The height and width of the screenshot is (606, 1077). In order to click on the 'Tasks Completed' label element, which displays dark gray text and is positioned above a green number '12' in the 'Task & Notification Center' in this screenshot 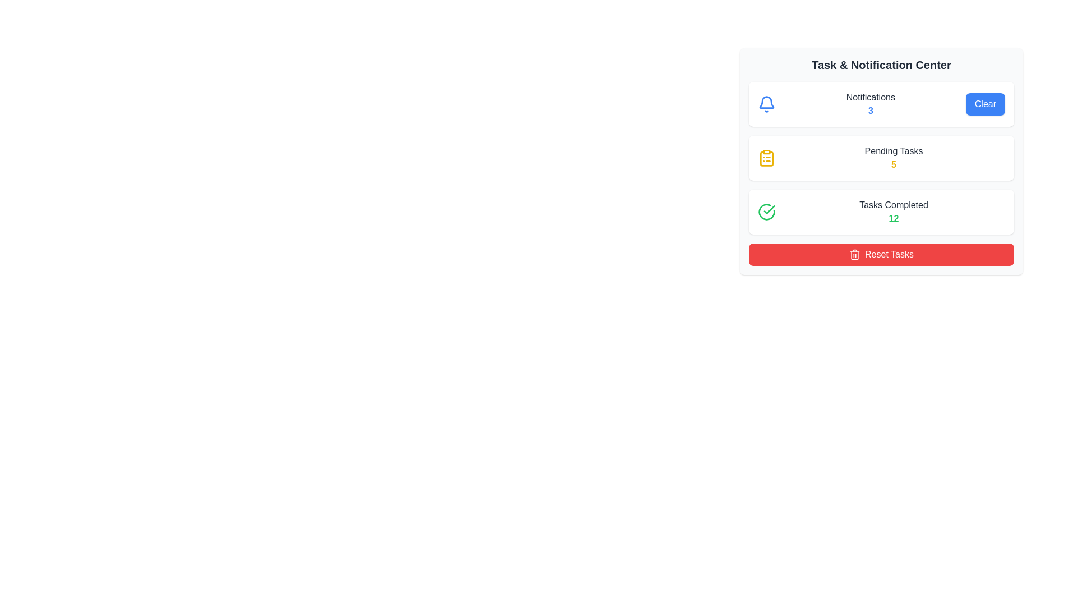, I will do `click(893, 205)`.